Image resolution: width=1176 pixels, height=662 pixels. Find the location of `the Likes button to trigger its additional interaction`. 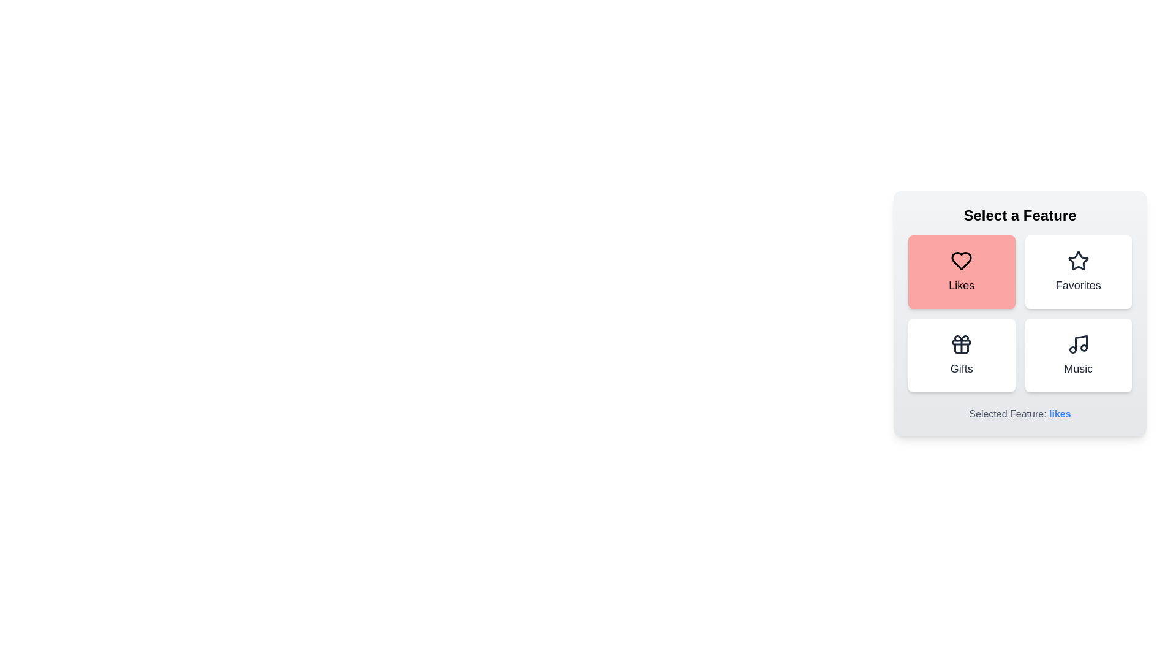

the Likes button to trigger its additional interaction is located at coordinates (961, 271).